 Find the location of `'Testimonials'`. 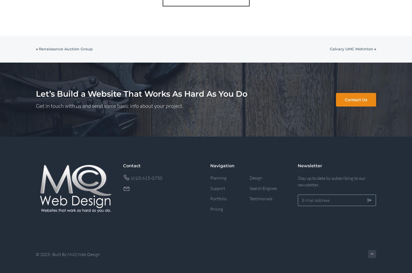

'Testimonials' is located at coordinates (260, 198).